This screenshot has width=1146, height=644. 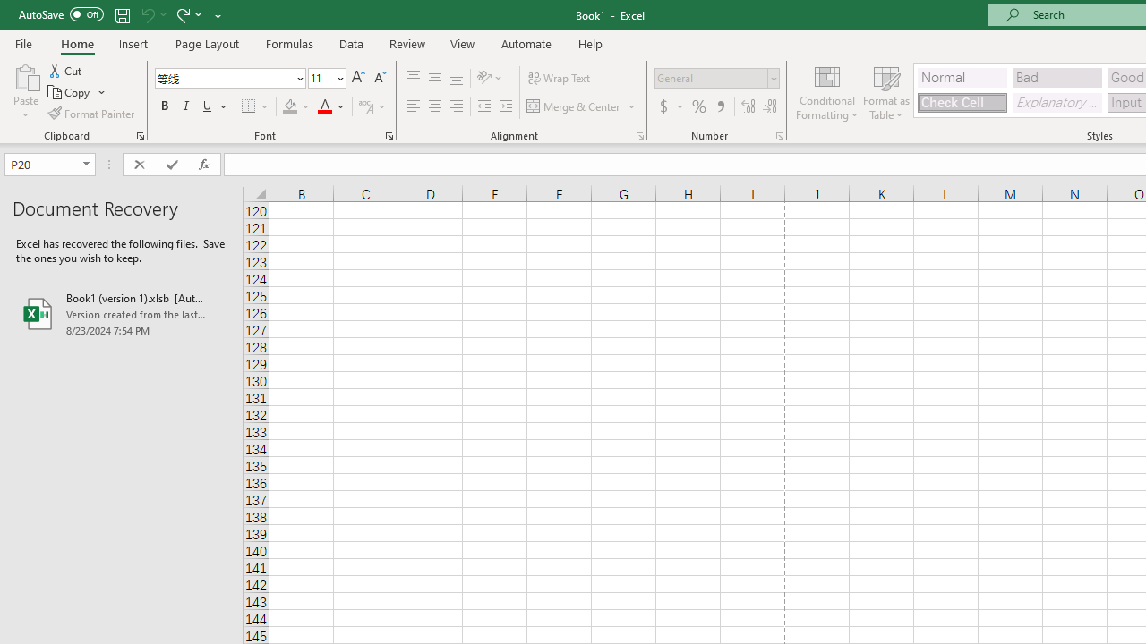 I want to click on 'Orientation', so click(x=490, y=77).